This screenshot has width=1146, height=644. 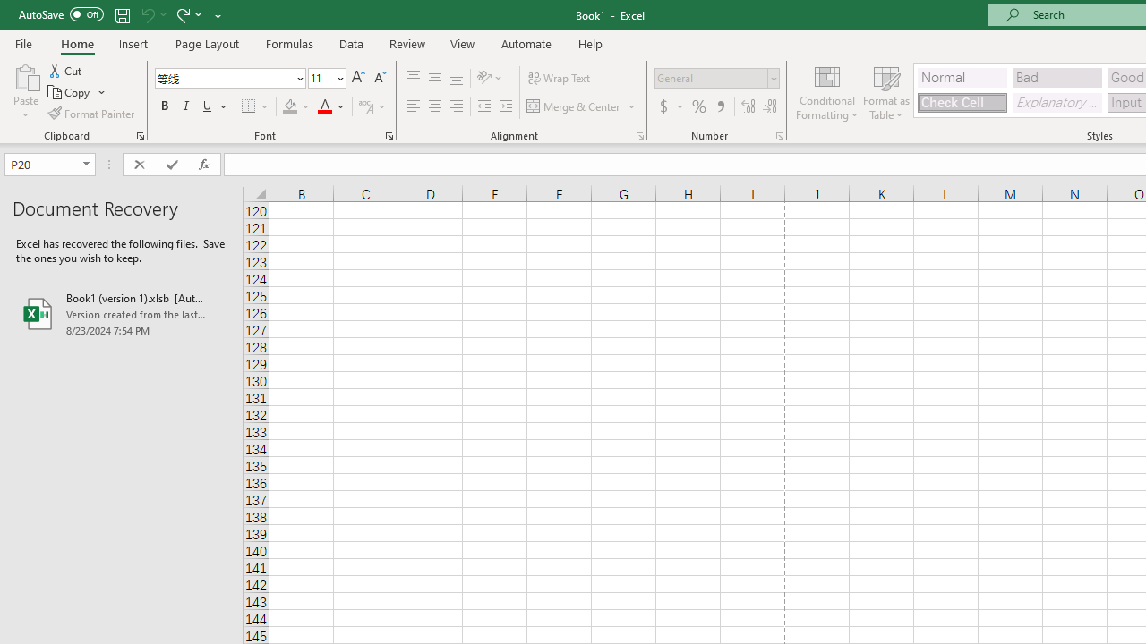 I want to click on 'Orientation', so click(x=490, y=77).